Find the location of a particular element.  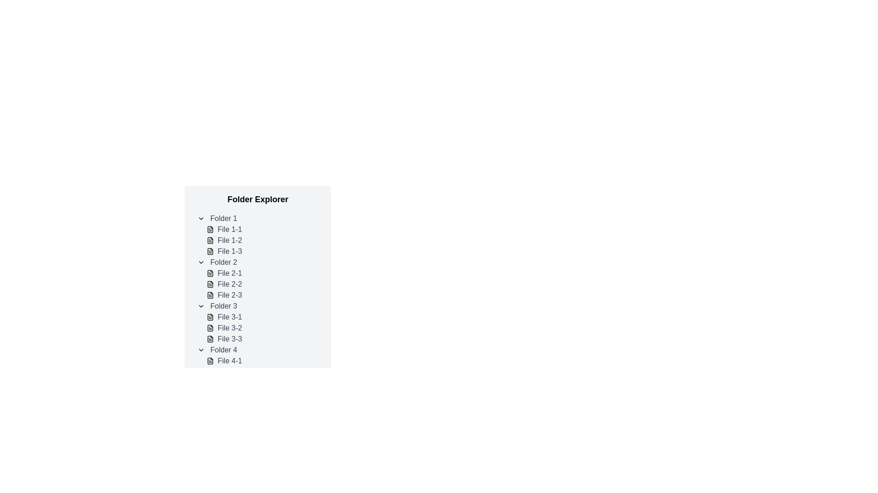

the file icon titled 'File 4-1' from the 'Folder 4' section in the 'Folder Explorer' is located at coordinates (210, 360).